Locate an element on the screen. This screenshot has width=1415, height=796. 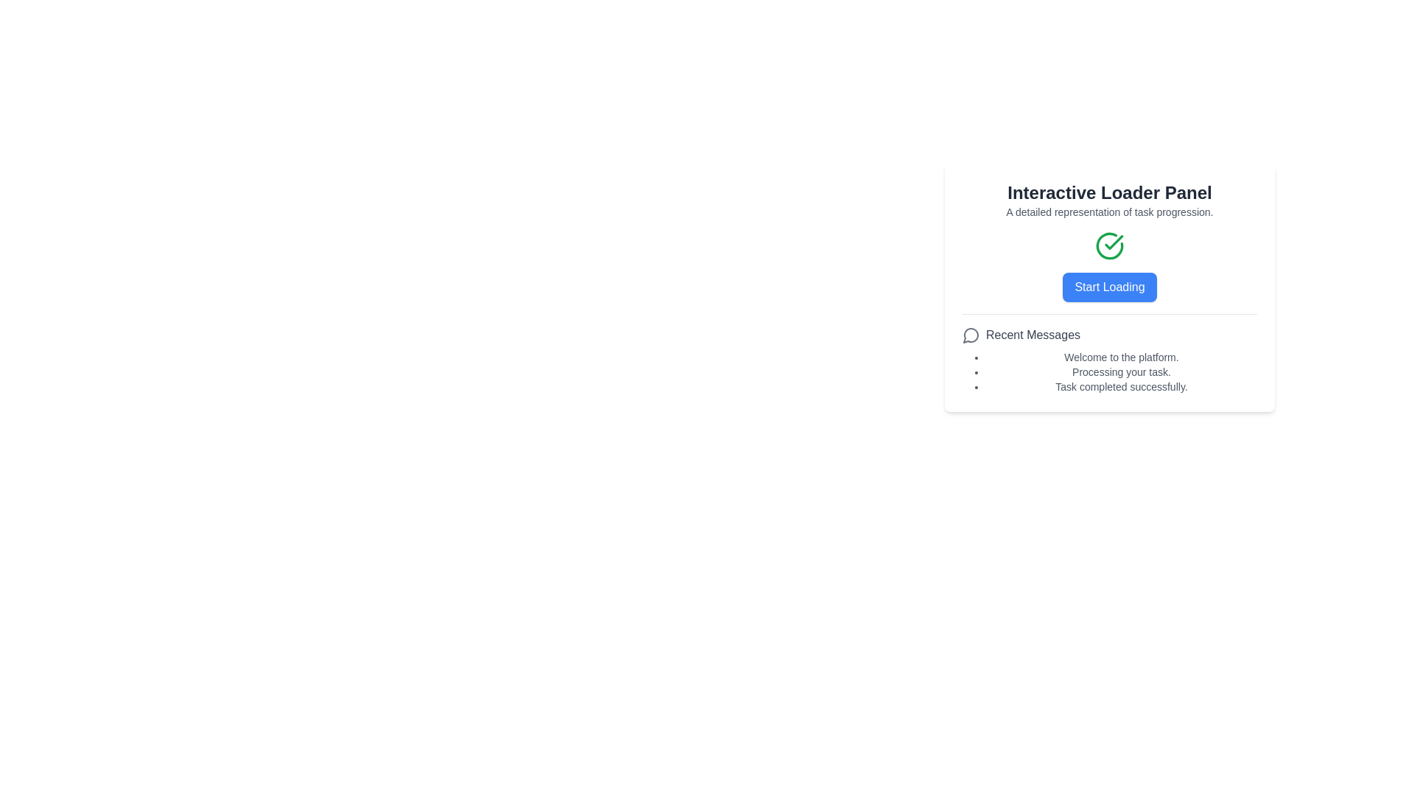
text from the first message in the 'Recent Messages' panel, which provides users with textual information or status updates from the system is located at coordinates (1120, 357).